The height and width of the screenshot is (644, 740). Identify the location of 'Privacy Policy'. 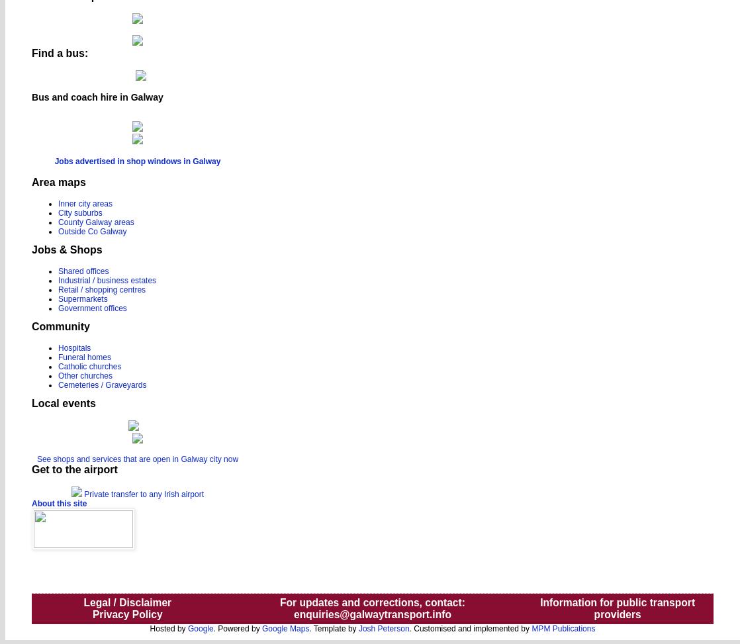
(126, 613).